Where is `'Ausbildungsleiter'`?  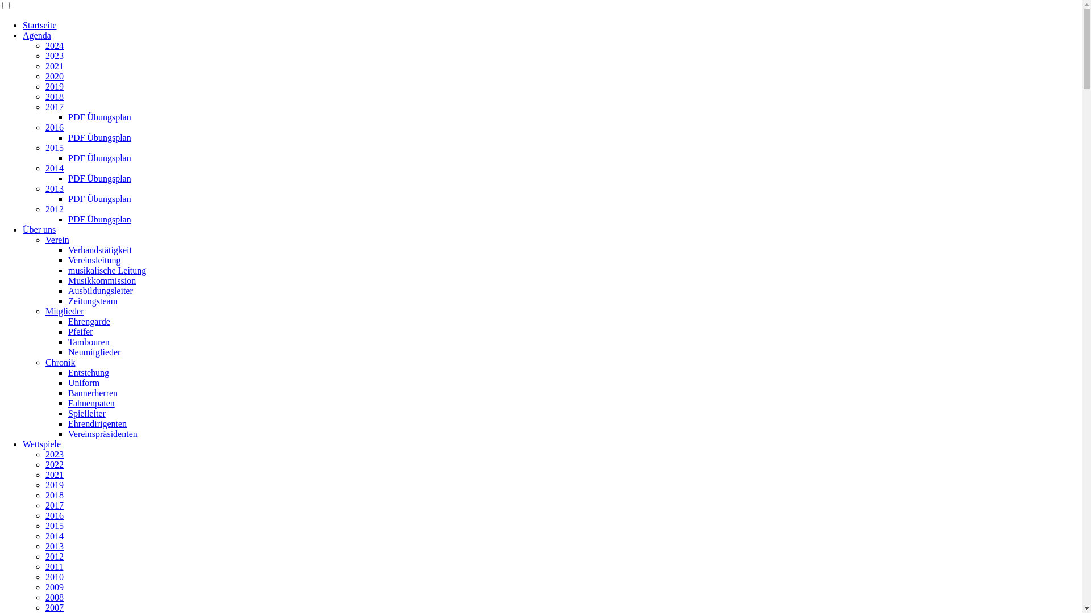
'Ausbildungsleiter' is located at coordinates (101, 290).